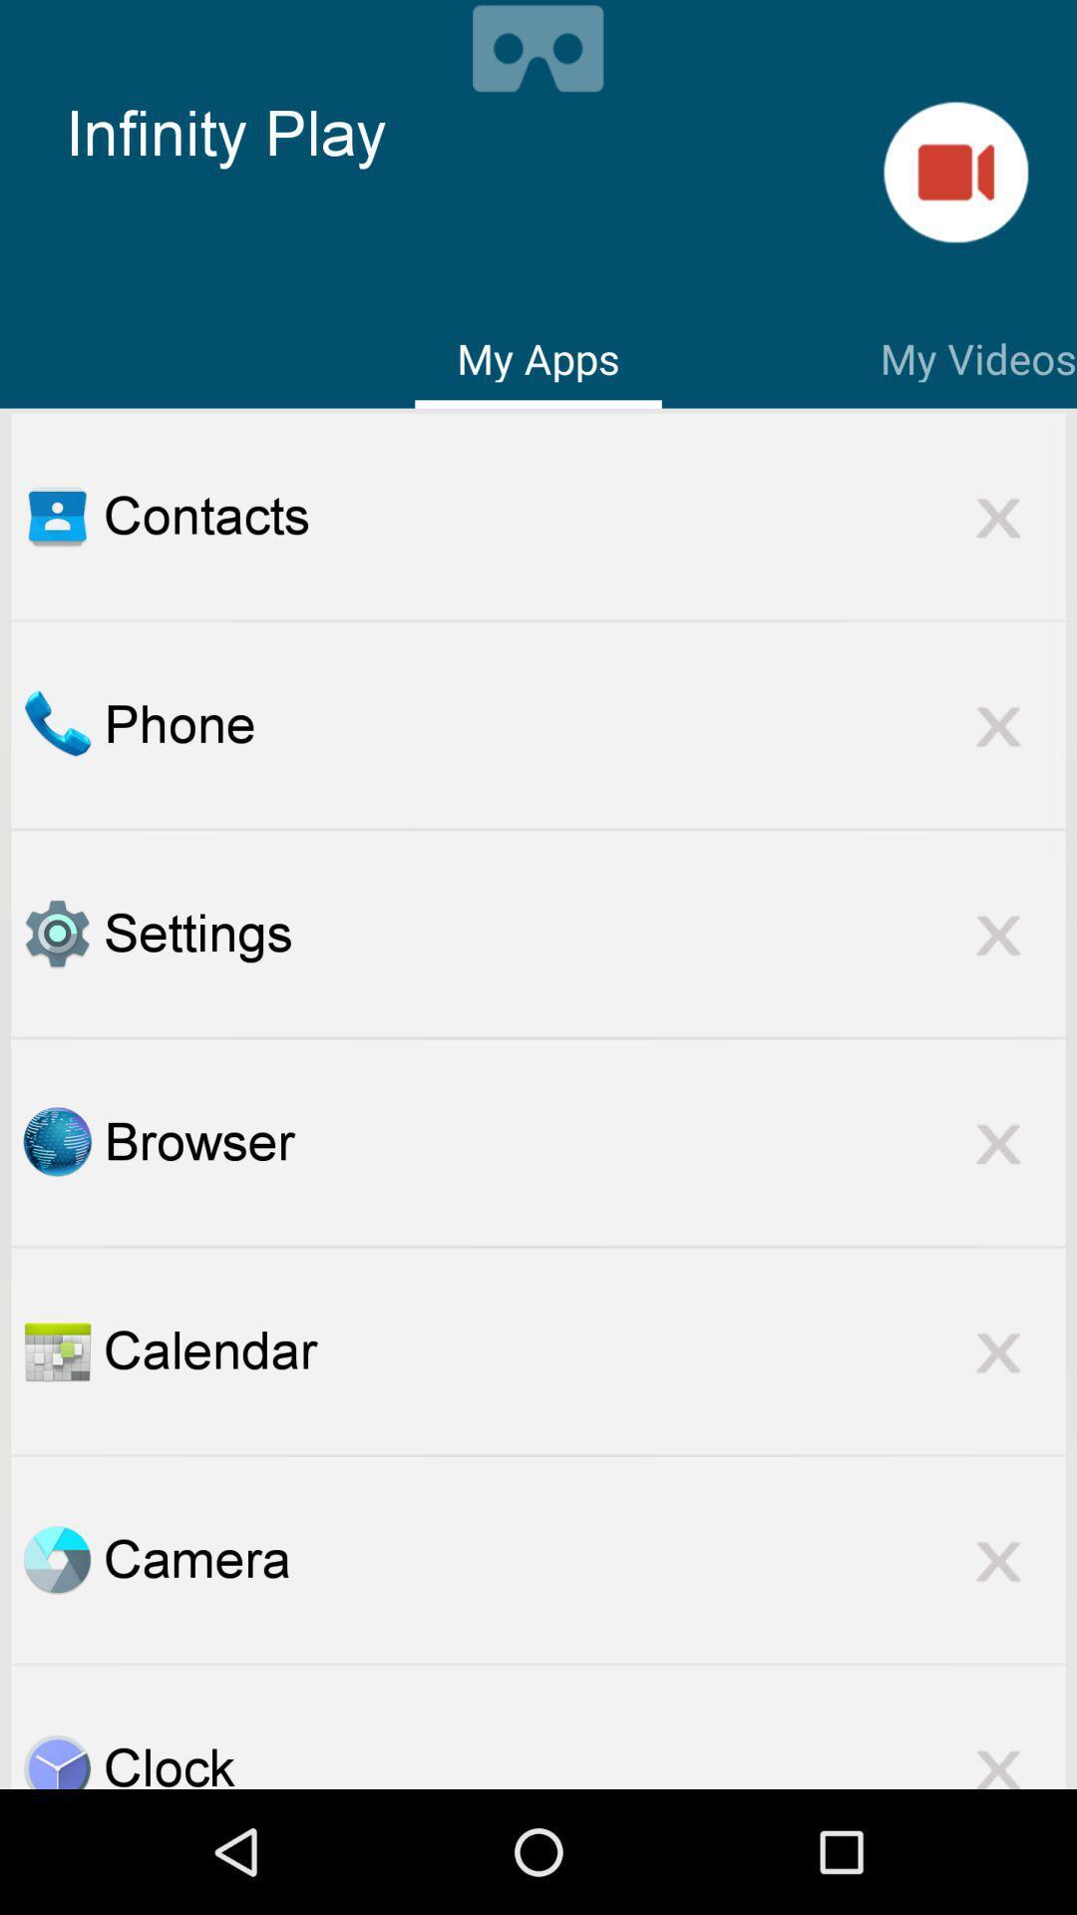 This screenshot has height=1915, width=1077. Describe the element at coordinates (998, 1350) in the screenshot. I see `closed` at that location.